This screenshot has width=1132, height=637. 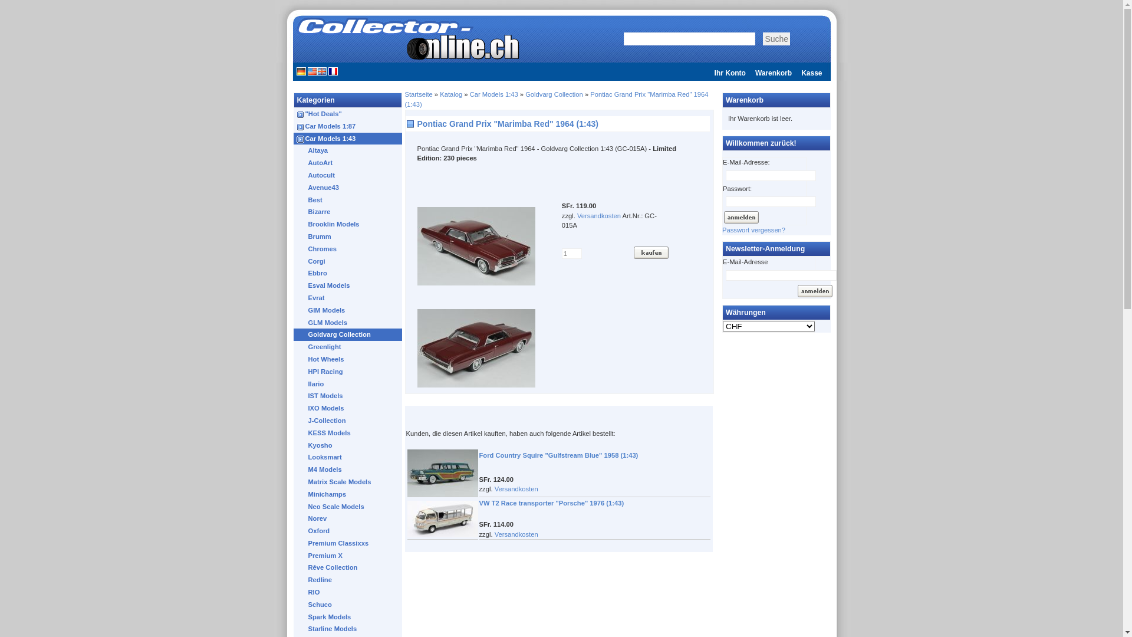 I want to click on 'Versandkosten', so click(x=516, y=534).